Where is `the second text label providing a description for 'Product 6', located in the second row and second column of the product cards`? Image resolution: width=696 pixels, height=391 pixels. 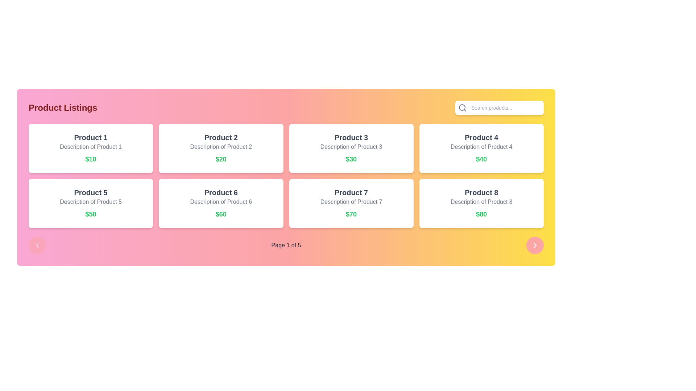 the second text label providing a description for 'Product 6', located in the second row and second column of the product cards is located at coordinates (220, 202).